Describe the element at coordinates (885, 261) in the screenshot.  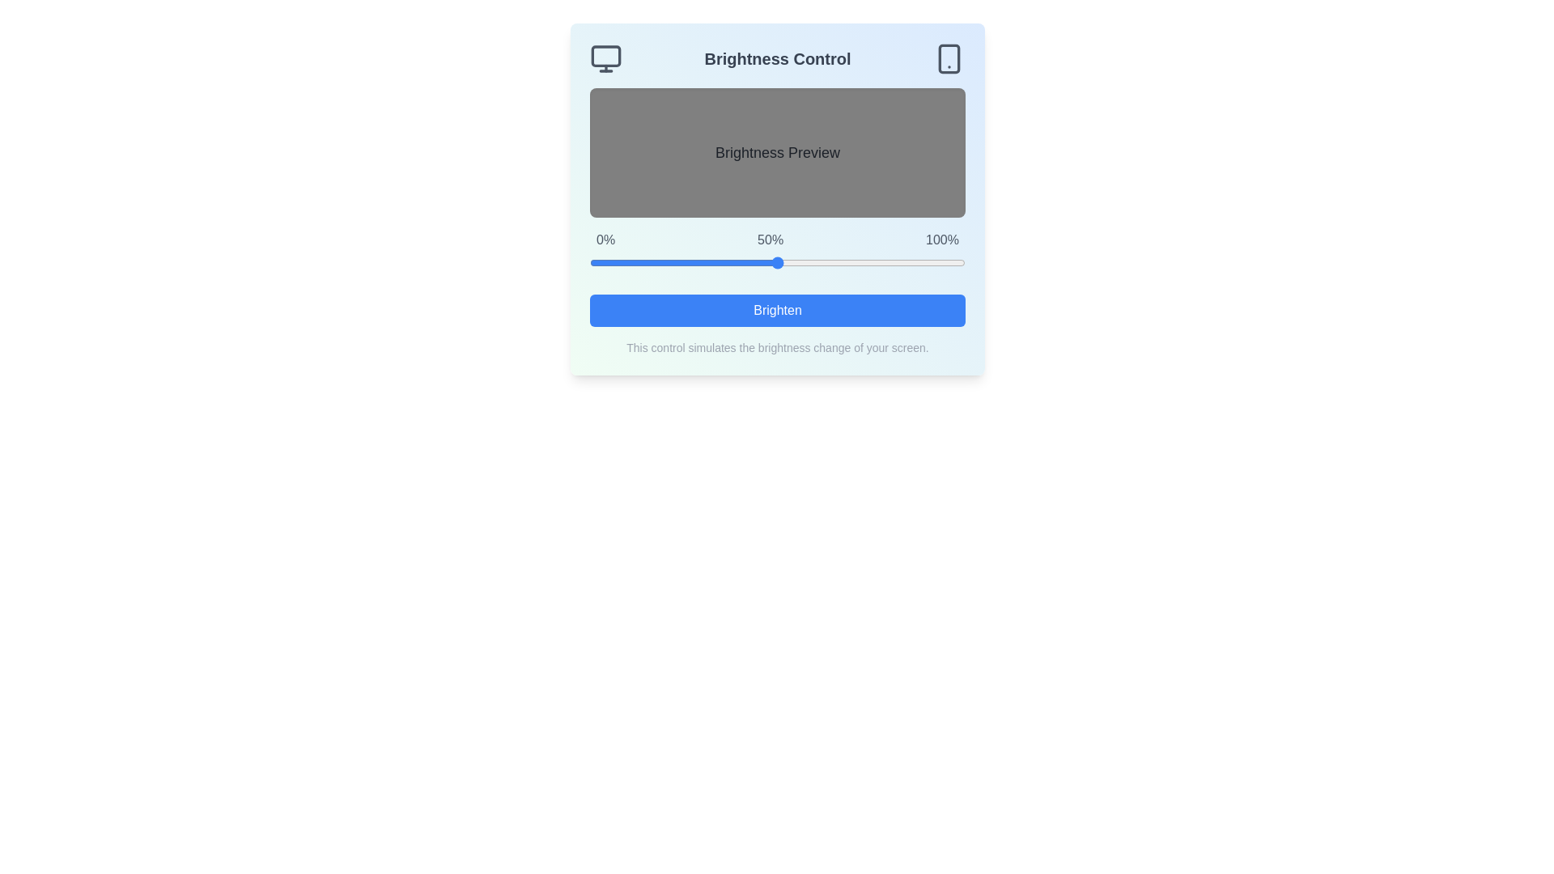
I see `the brightness slider to set the brightness level to 79%` at that location.